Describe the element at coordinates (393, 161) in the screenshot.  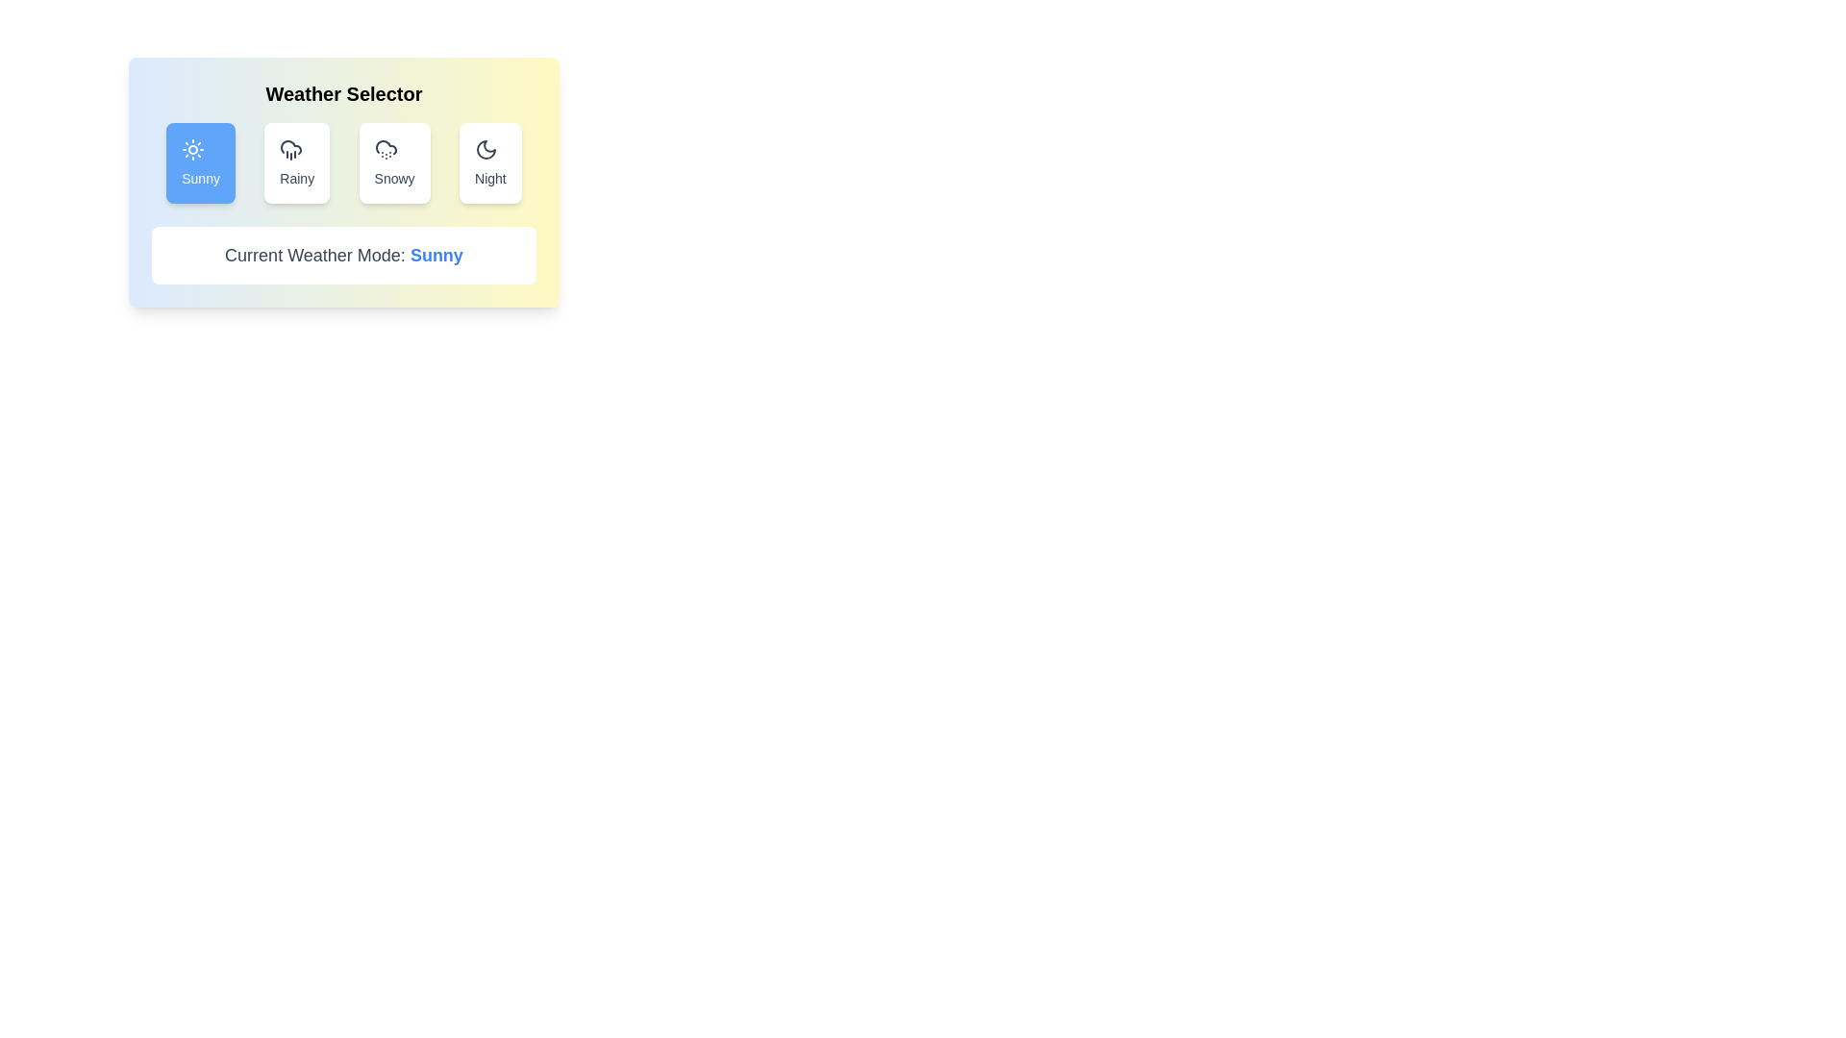
I see `the button corresponding to the weather option Snowy` at that location.